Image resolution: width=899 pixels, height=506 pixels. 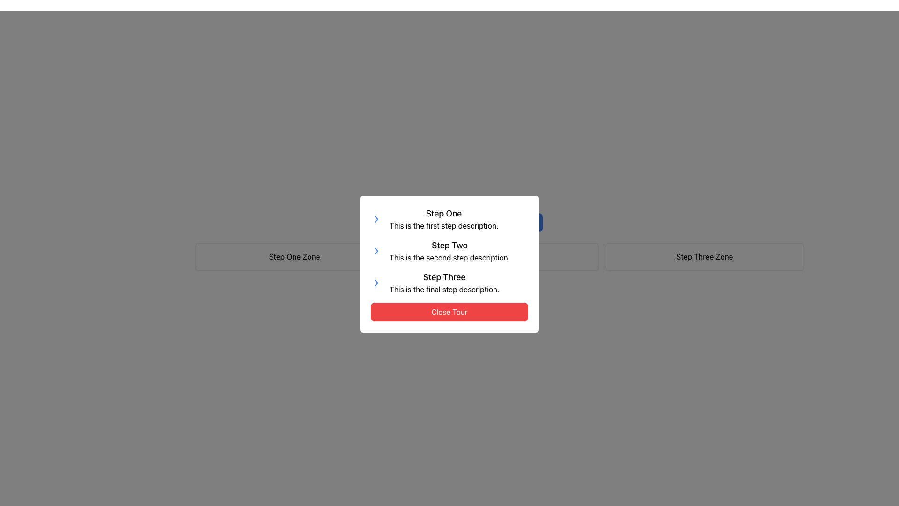 I want to click on the interactive tour button located centrally above the zones labeled 'Step One Zone', 'Step Two Zone', and 'Step Three Zone', so click(x=499, y=222).